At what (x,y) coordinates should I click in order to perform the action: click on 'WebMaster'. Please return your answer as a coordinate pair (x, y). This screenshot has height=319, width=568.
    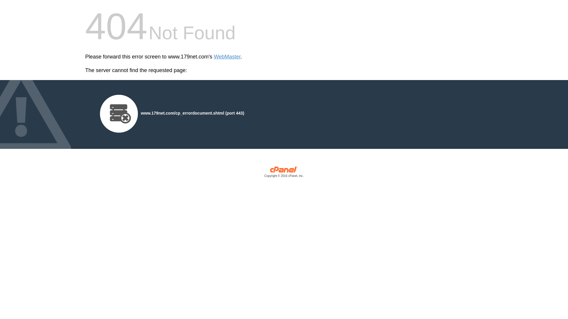
    Looking at the image, I should click on (227, 57).